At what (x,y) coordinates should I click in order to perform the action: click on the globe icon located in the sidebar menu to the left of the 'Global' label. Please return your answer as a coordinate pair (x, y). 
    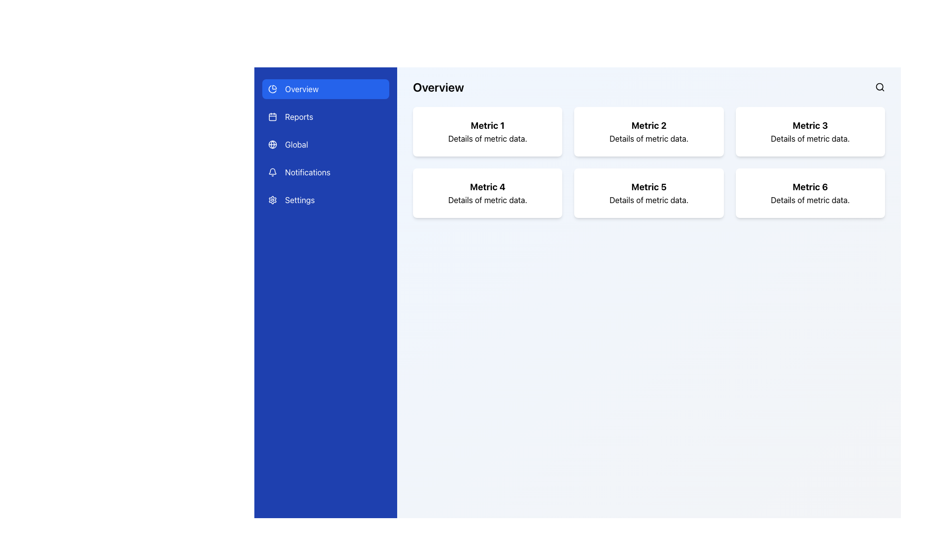
    Looking at the image, I should click on (273, 145).